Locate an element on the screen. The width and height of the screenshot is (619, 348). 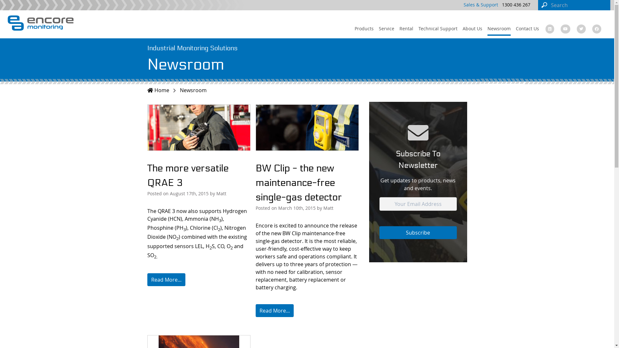
'Read More...' is located at coordinates (166, 279).